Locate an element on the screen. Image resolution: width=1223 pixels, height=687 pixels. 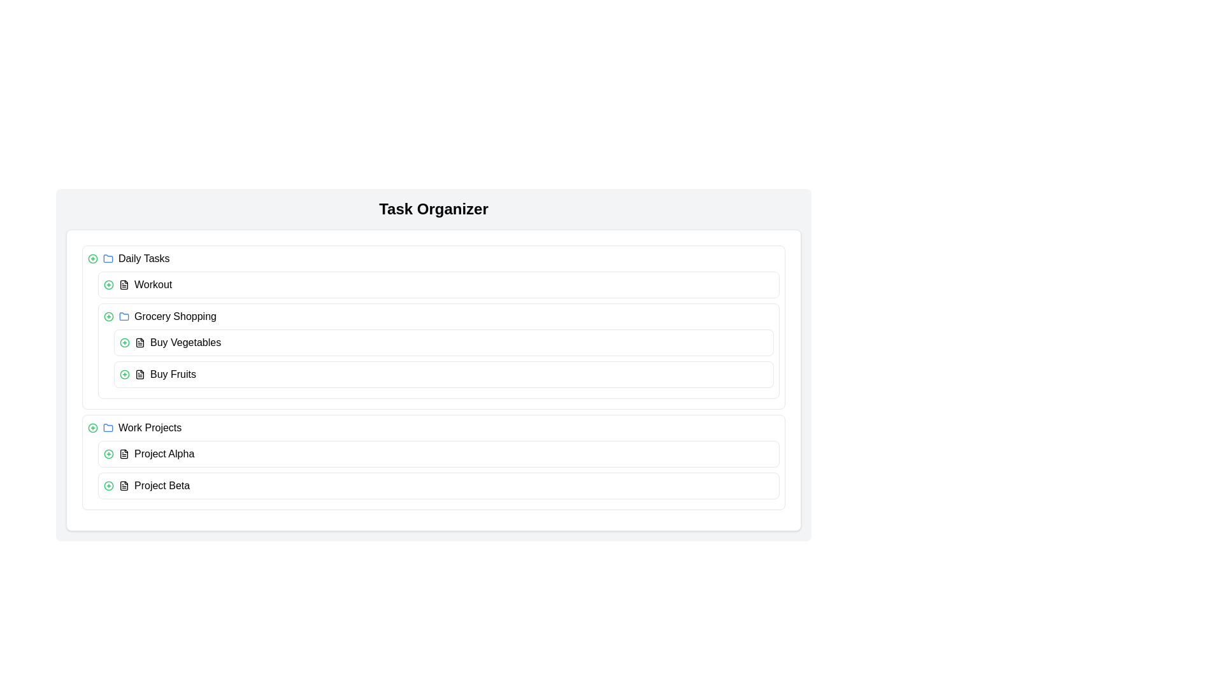
the button for adding a new item under the 'Buy Vegetables' section, which is located to the left of the 'Buy Vegetables' text in the 'Grocery Shopping' section is located at coordinates (125, 342).